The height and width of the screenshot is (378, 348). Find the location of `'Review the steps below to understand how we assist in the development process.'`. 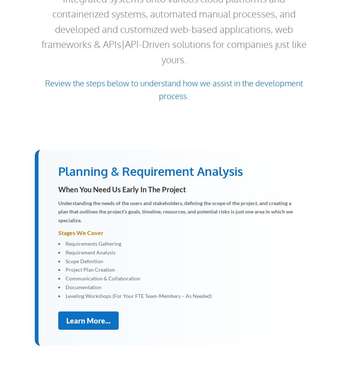

'Review the steps below to understand how we assist in the development process.' is located at coordinates (174, 89).